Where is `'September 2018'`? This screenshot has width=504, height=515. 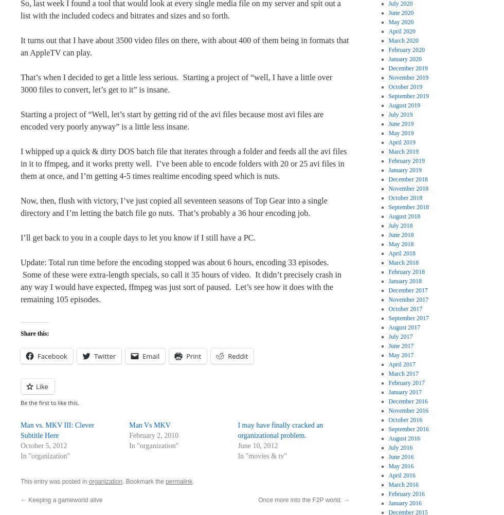 'September 2018' is located at coordinates (408, 207).